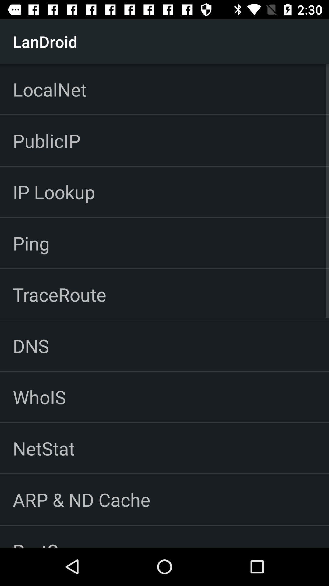 This screenshot has width=329, height=586. I want to click on the app below the arp & nd cache, so click(50, 536).